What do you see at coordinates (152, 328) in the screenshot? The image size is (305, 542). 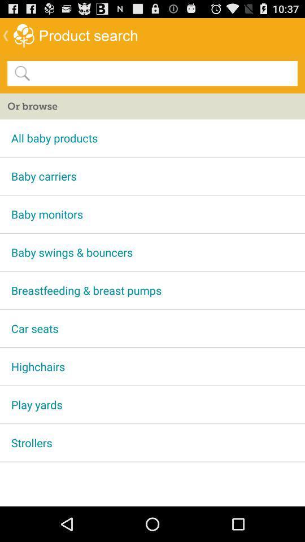 I see `icon below the breastfeeding & breast pumps item` at bounding box center [152, 328].